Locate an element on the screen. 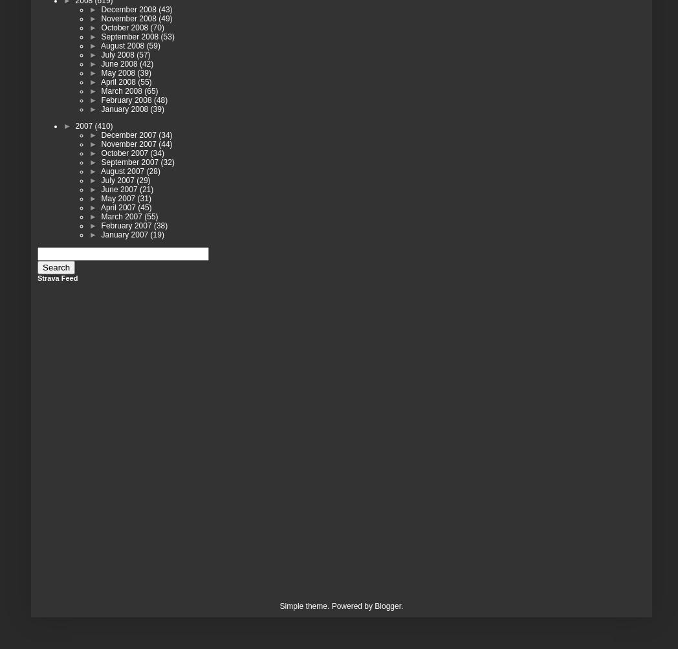  '(32)' is located at coordinates (160, 162).